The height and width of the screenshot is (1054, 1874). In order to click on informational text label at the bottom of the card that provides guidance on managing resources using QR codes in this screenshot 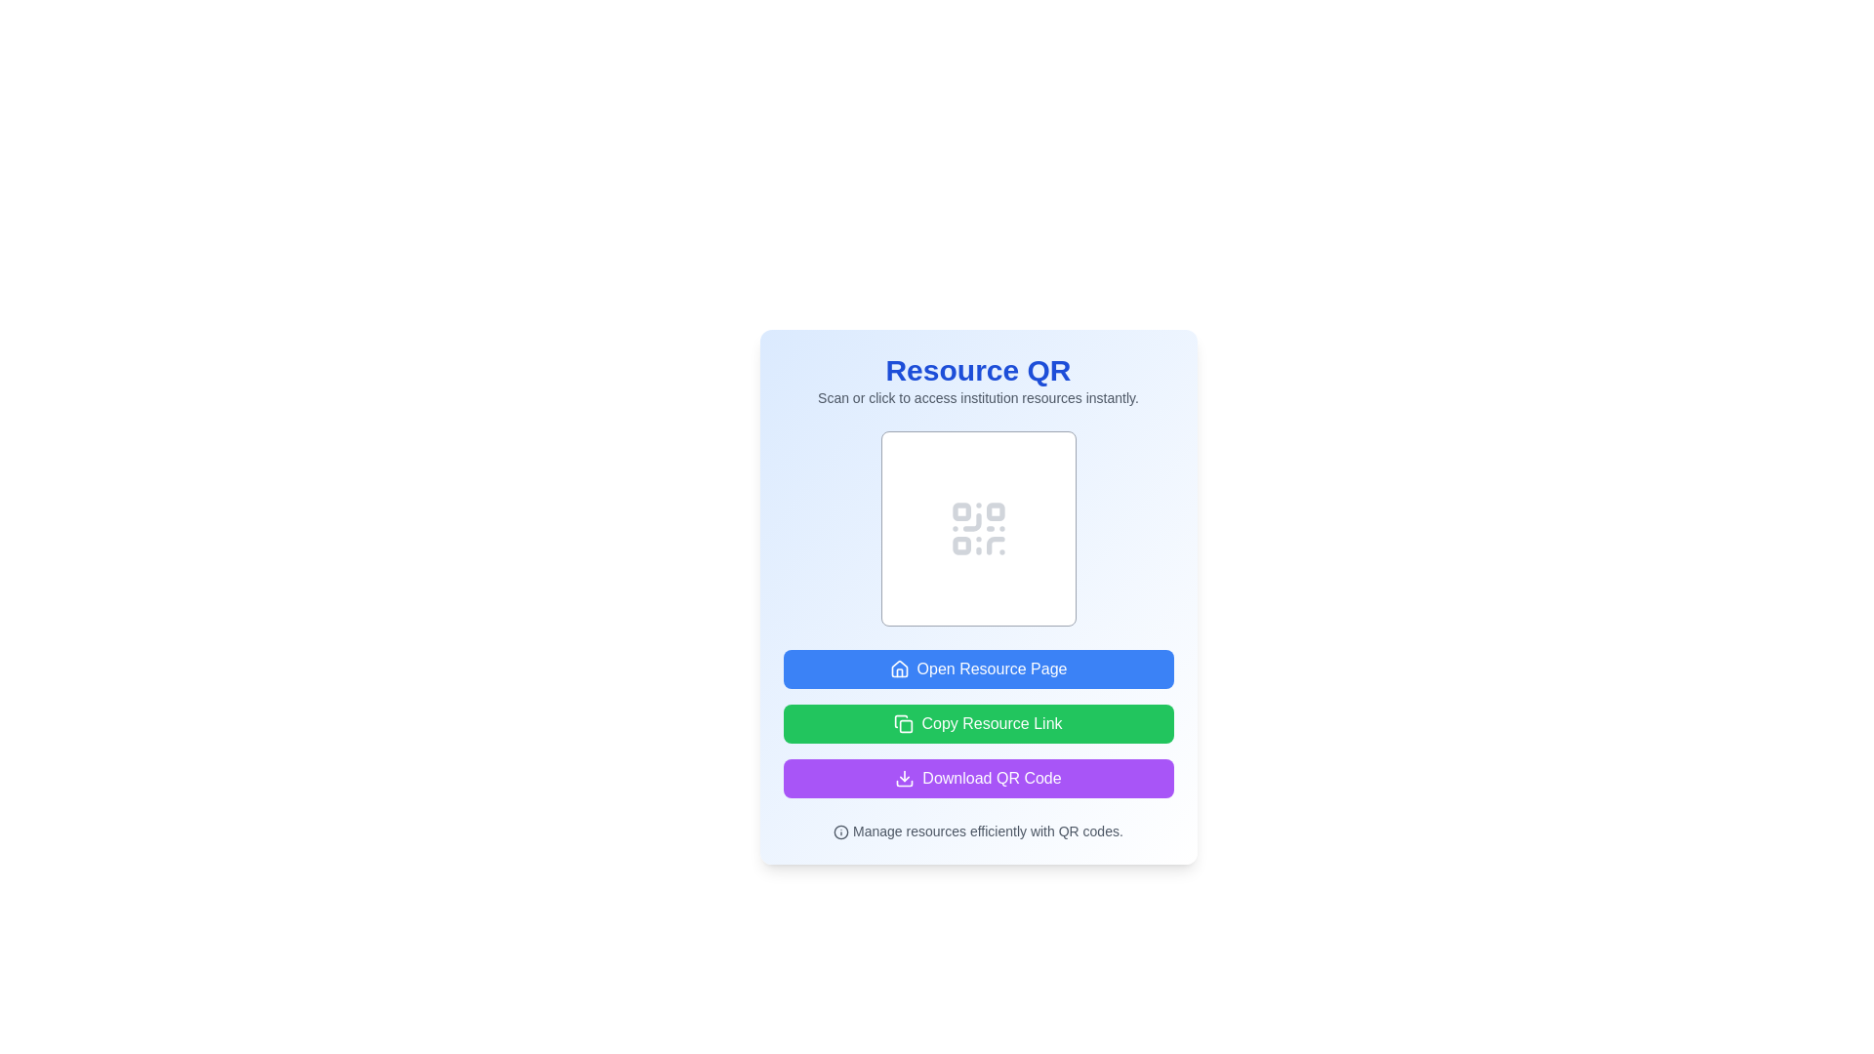, I will do `click(978, 831)`.